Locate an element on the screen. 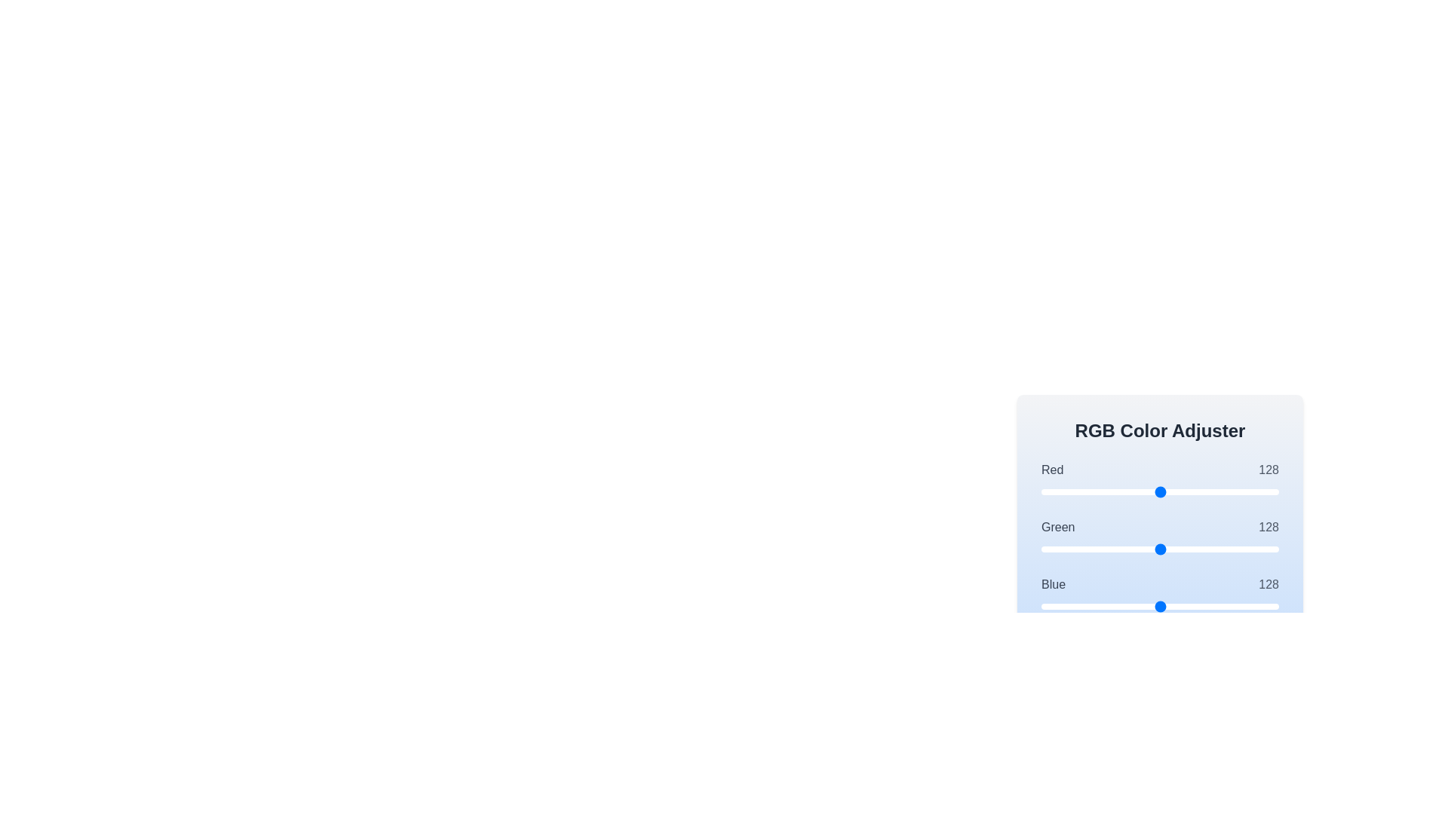 The image size is (1448, 814). the 0 slider to set its value to 54 is located at coordinates (1091, 491).